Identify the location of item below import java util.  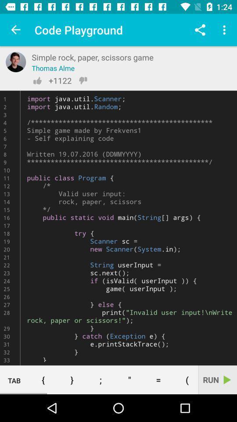
(129, 379).